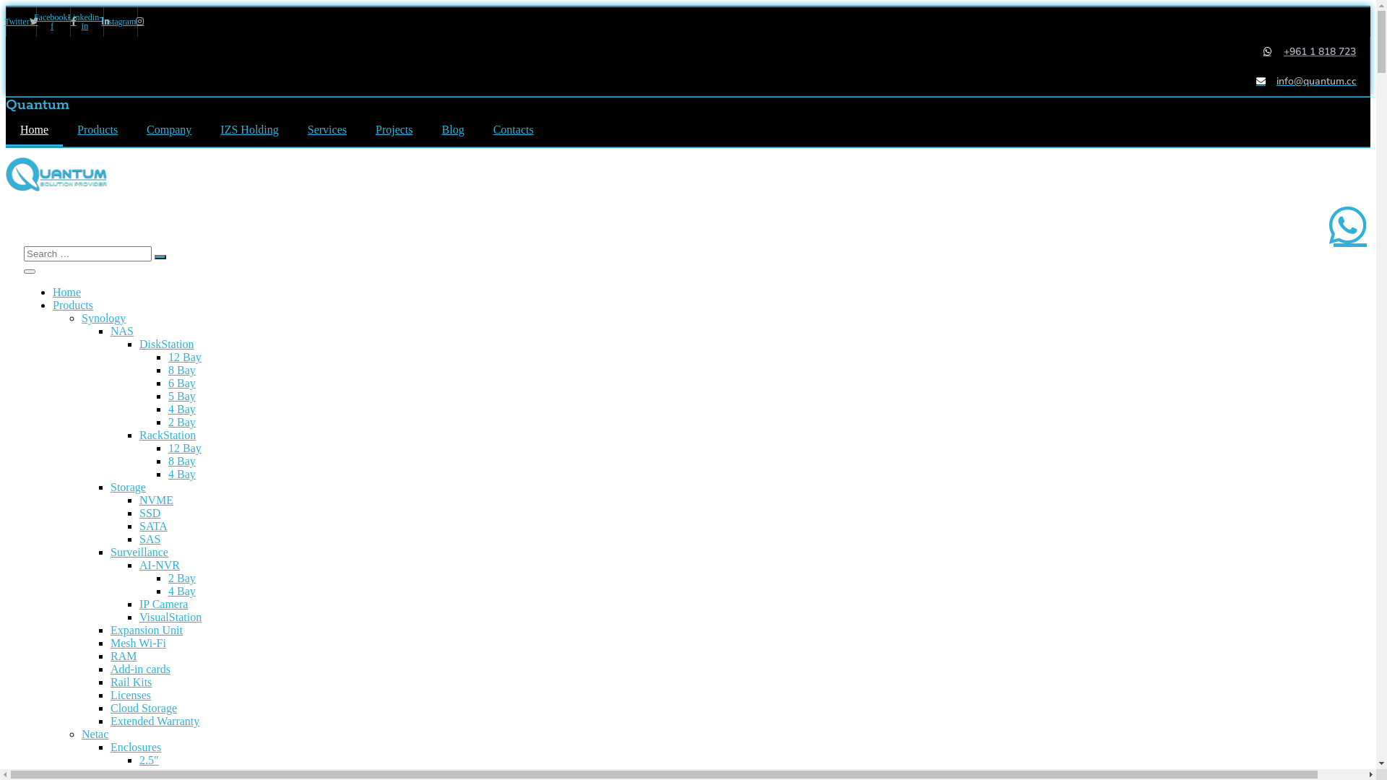  What do you see at coordinates (181, 591) in the screenshot?
I see `'4 Bay'` at bounding box center [181, 591].